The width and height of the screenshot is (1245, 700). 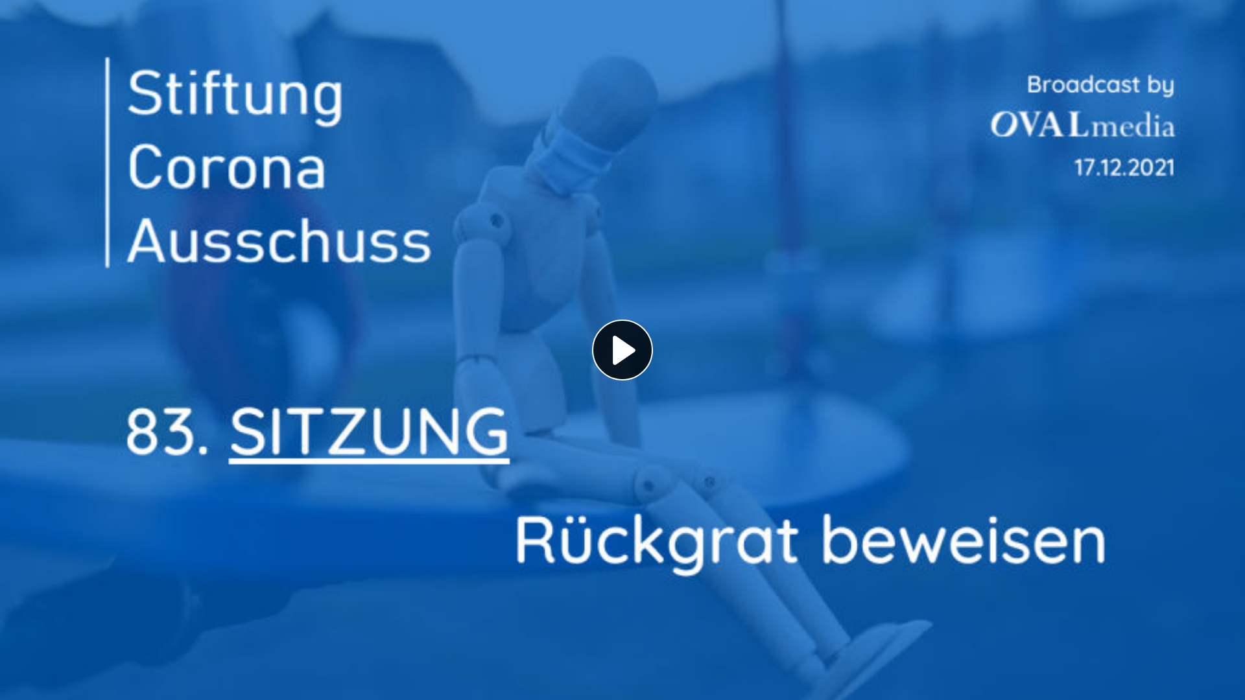 What do you see at coordinates (591, 350) in the screenshot?
I see `'Play Video'` at bounding box center [591, 350].